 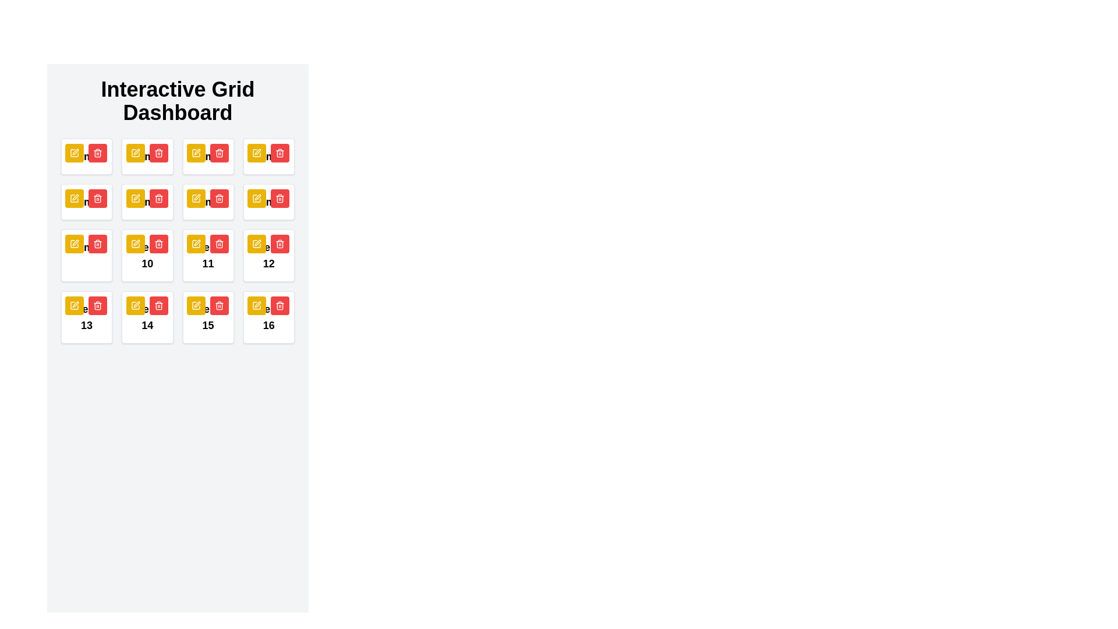 I want to click on the edit button located in the upper-right corner of the card labeled 'Item 10', which is part of the action group for editing or deleting card content, so click(x=146, y=243).